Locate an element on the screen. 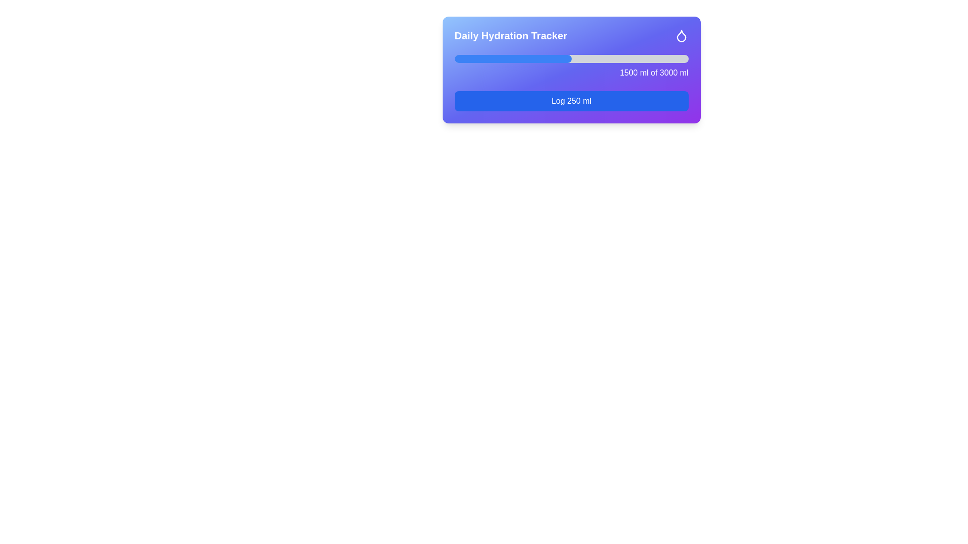  the droplet icon located in the top-right corner of the 'Daily Hydration Tracker' card is located at coordinates (681, 35).